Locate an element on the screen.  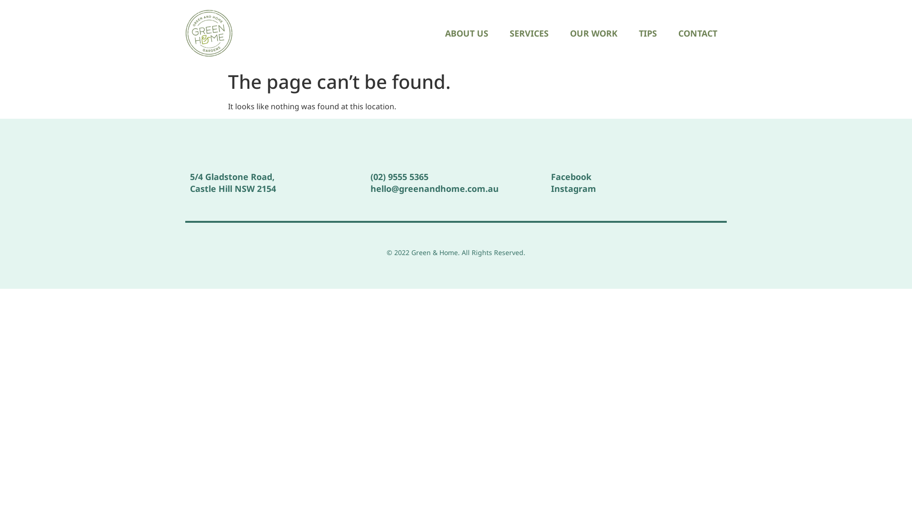
'SERVICES' is located at coordinates (499, 33).